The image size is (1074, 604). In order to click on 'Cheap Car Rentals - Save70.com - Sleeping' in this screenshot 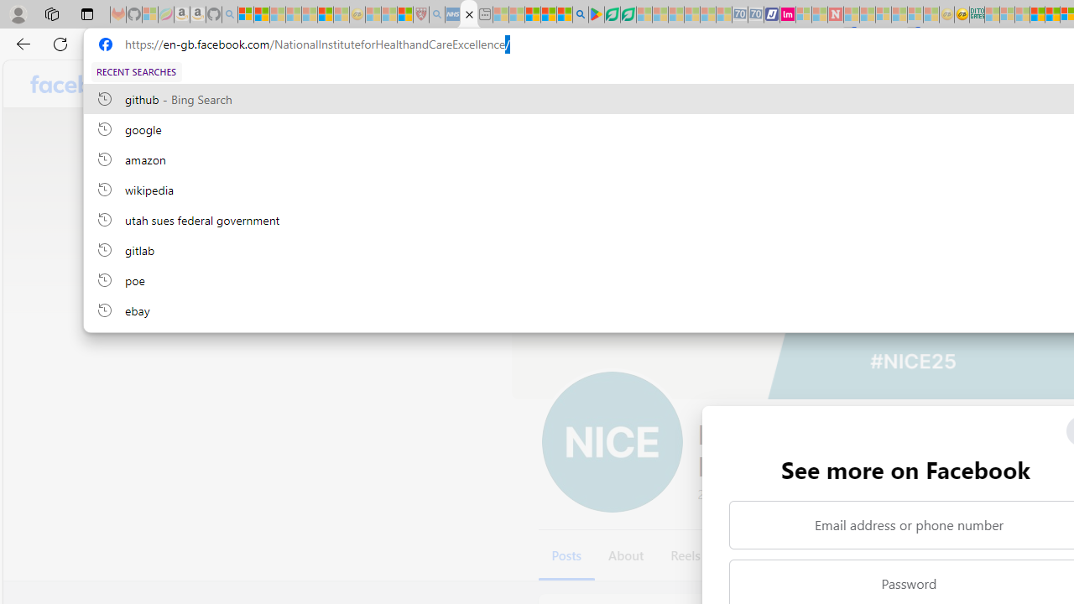, I will do `click(738, 14)`.